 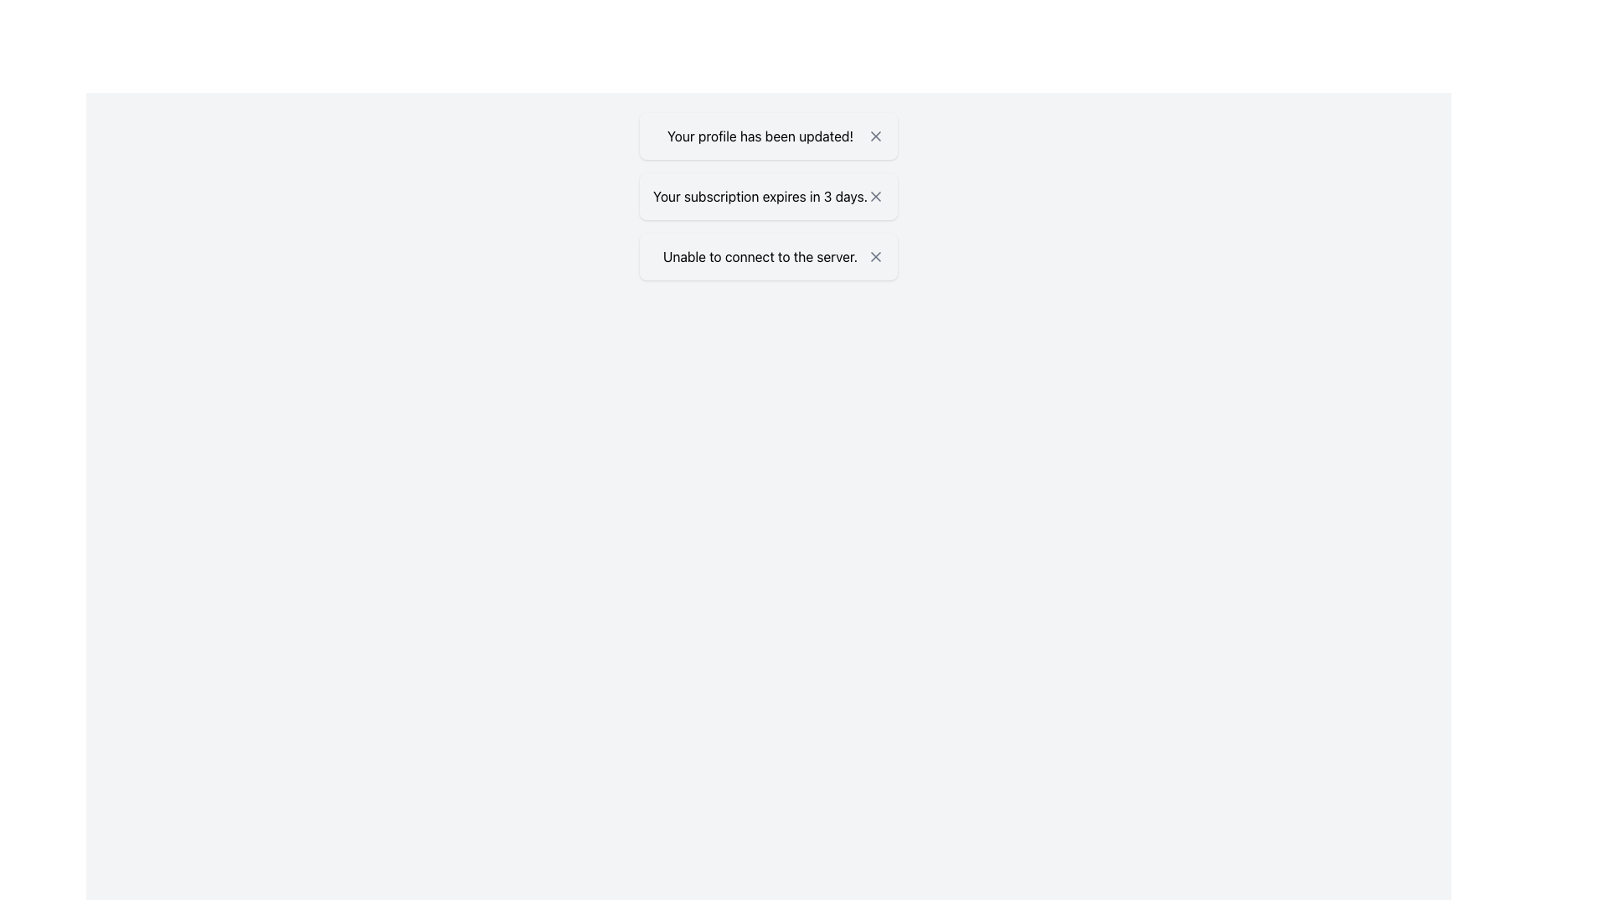 What do you see at coordinates (759, 135) in the screenshot?
I see `the static text indicating successful profile update, located in the first notification box at the top of the list` at bounding box center [759, 135].